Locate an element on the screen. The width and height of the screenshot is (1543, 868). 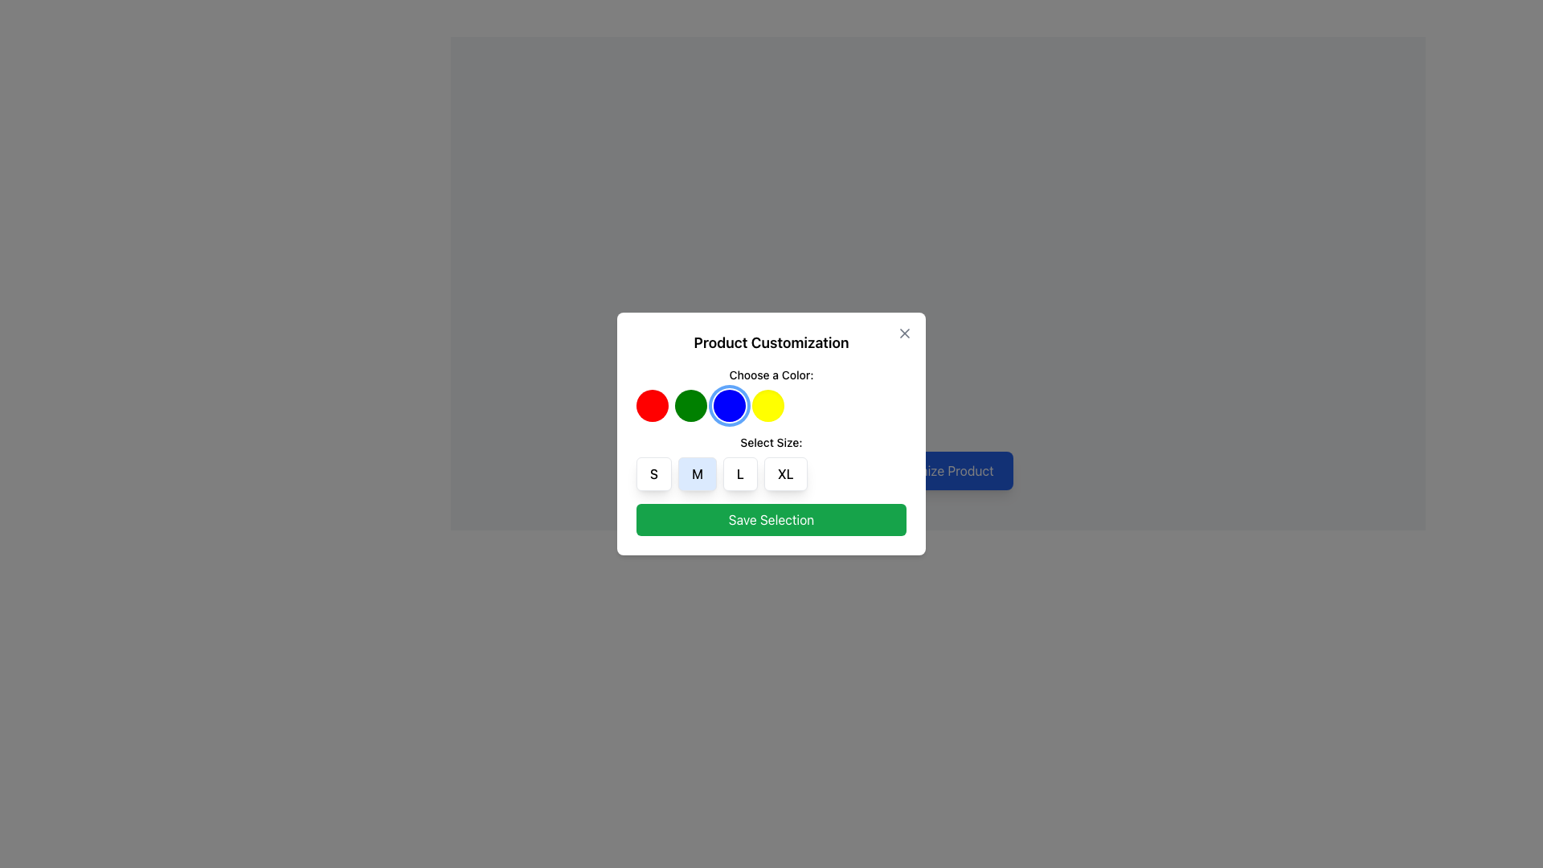
the text label that says 'Select Size:' located within the 'Product Customization' modal, positioned above the size selection options is located at coordinates (771, 443).